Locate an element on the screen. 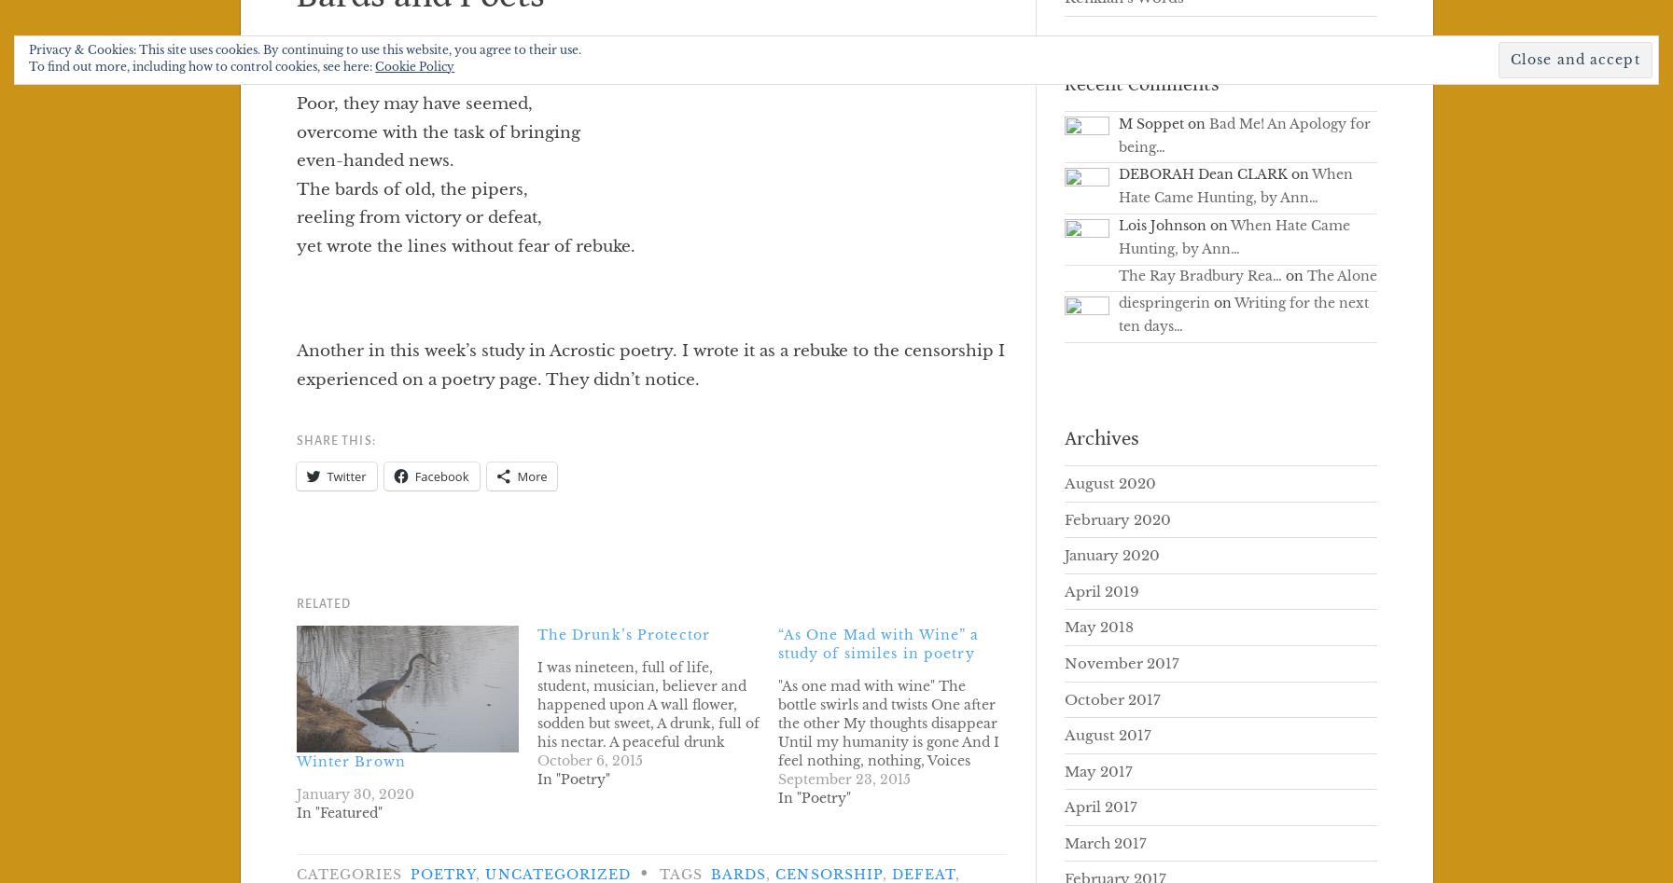 This screenshot has width=1673, height=883. 'DEBORAH Dean CLARK on' is located at coordinates (1214, 173).